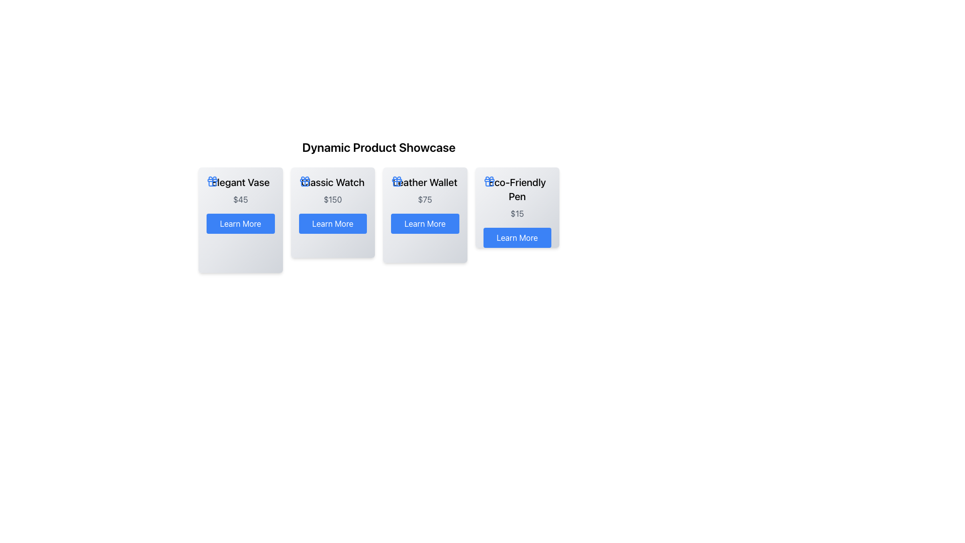 The width and height of the screenshot is (965, 543). What do you see at coordinates (425, 215) in the screenshot?
I see `the 'Learn More' button of the Interactive Product Card which features a gradient background and a blue gift box icon, displaying the product 'Leather Wallet' and priced at '$75'` at bounding box center [425, 215].